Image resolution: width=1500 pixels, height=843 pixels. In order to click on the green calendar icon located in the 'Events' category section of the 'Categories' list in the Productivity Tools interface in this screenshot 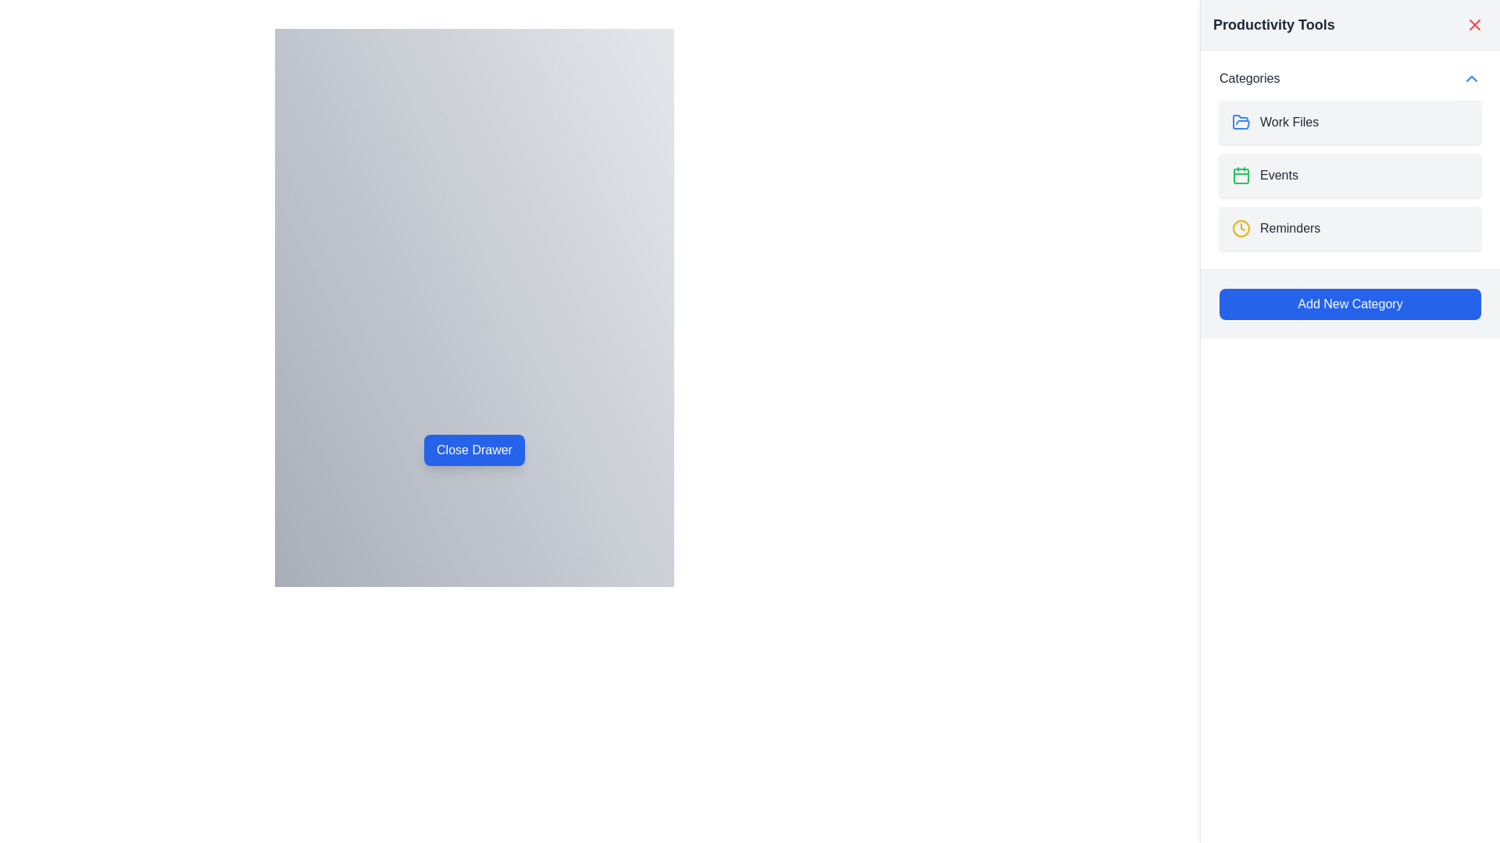, I will do `click(1240, 175)`.